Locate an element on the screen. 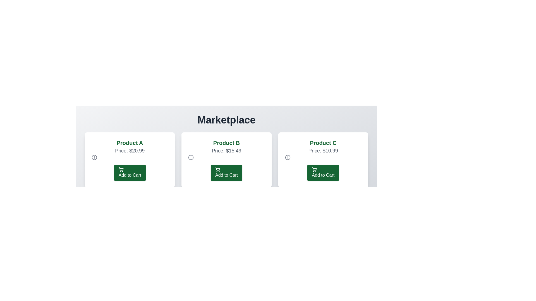 The width and height of the screenshot is (536, 301). the Vector icon that represents the action to add an item to the shopping cart, located to the left of the 'Add to Cart' text inside a green button below 'Product A' is located at coordinates (121, 169).